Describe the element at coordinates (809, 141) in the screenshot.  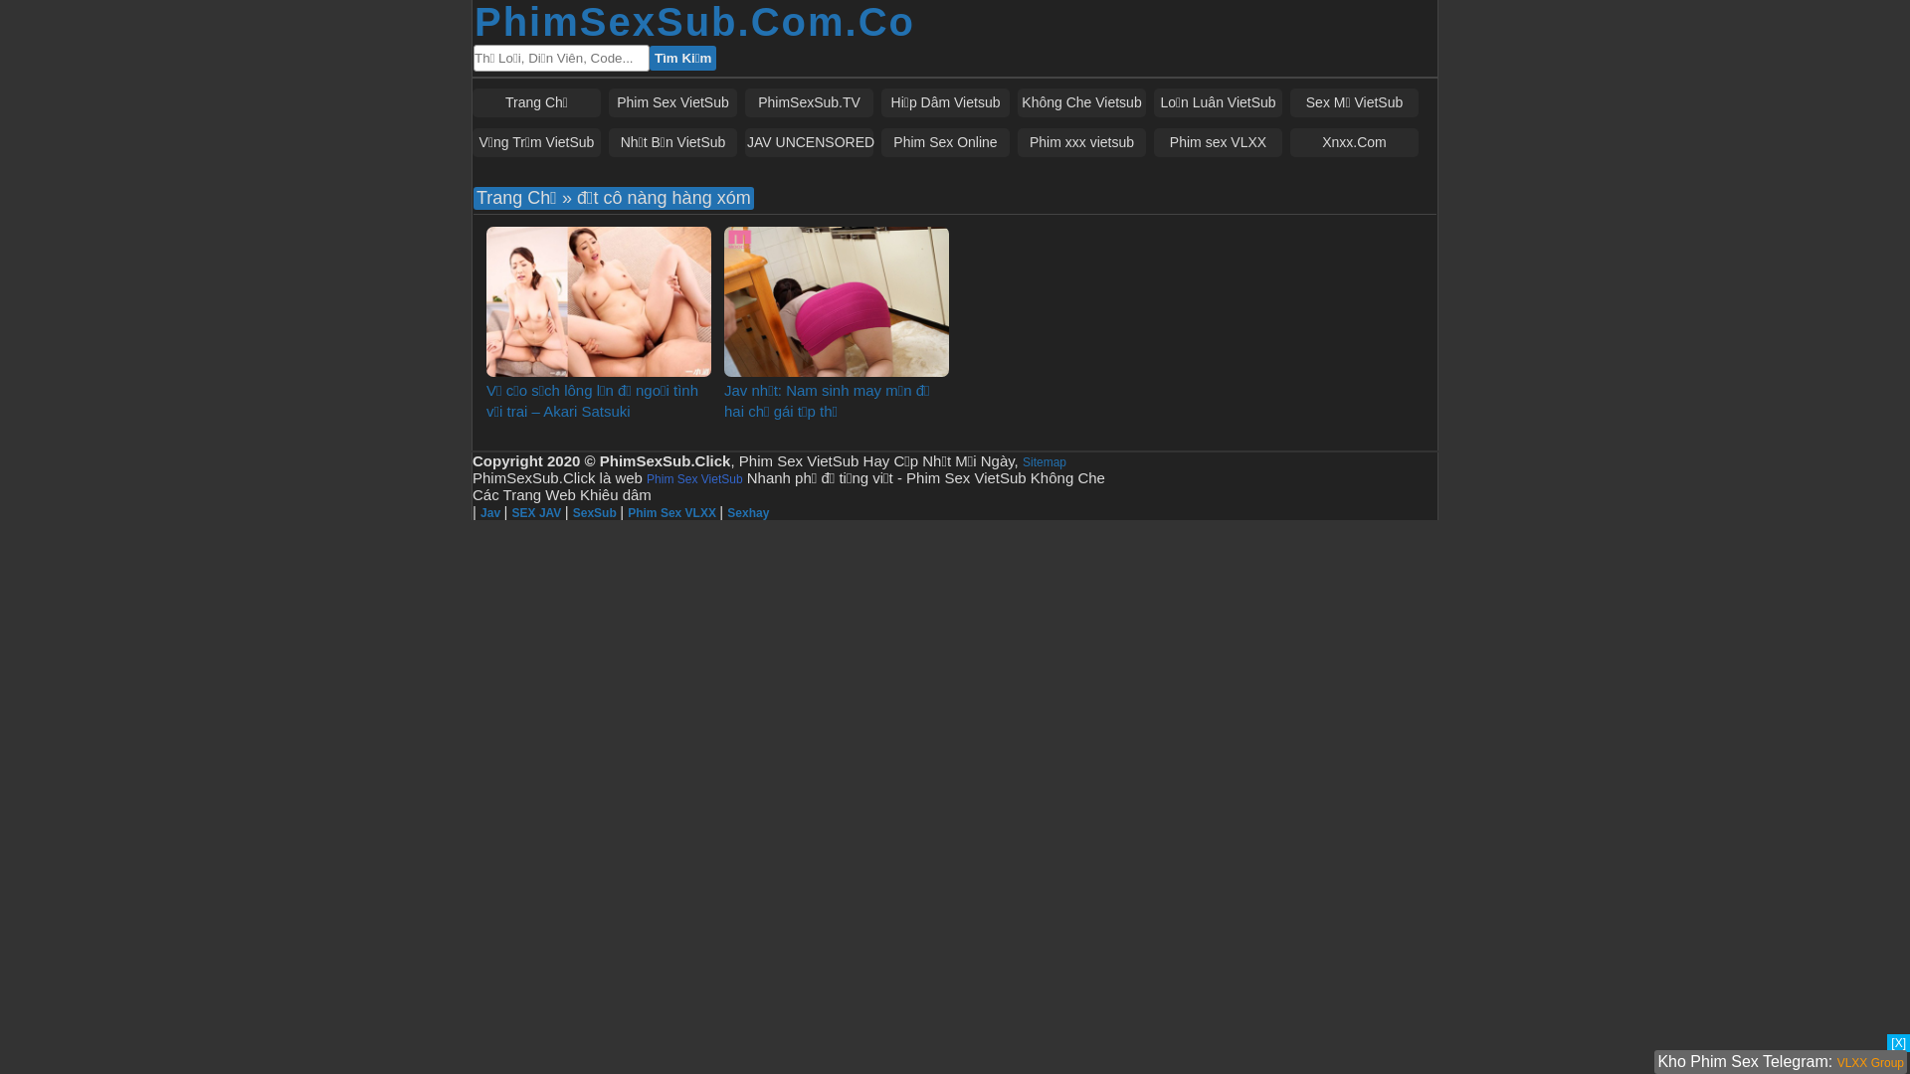
I see `'JAV UNCENSORED'` at that location.